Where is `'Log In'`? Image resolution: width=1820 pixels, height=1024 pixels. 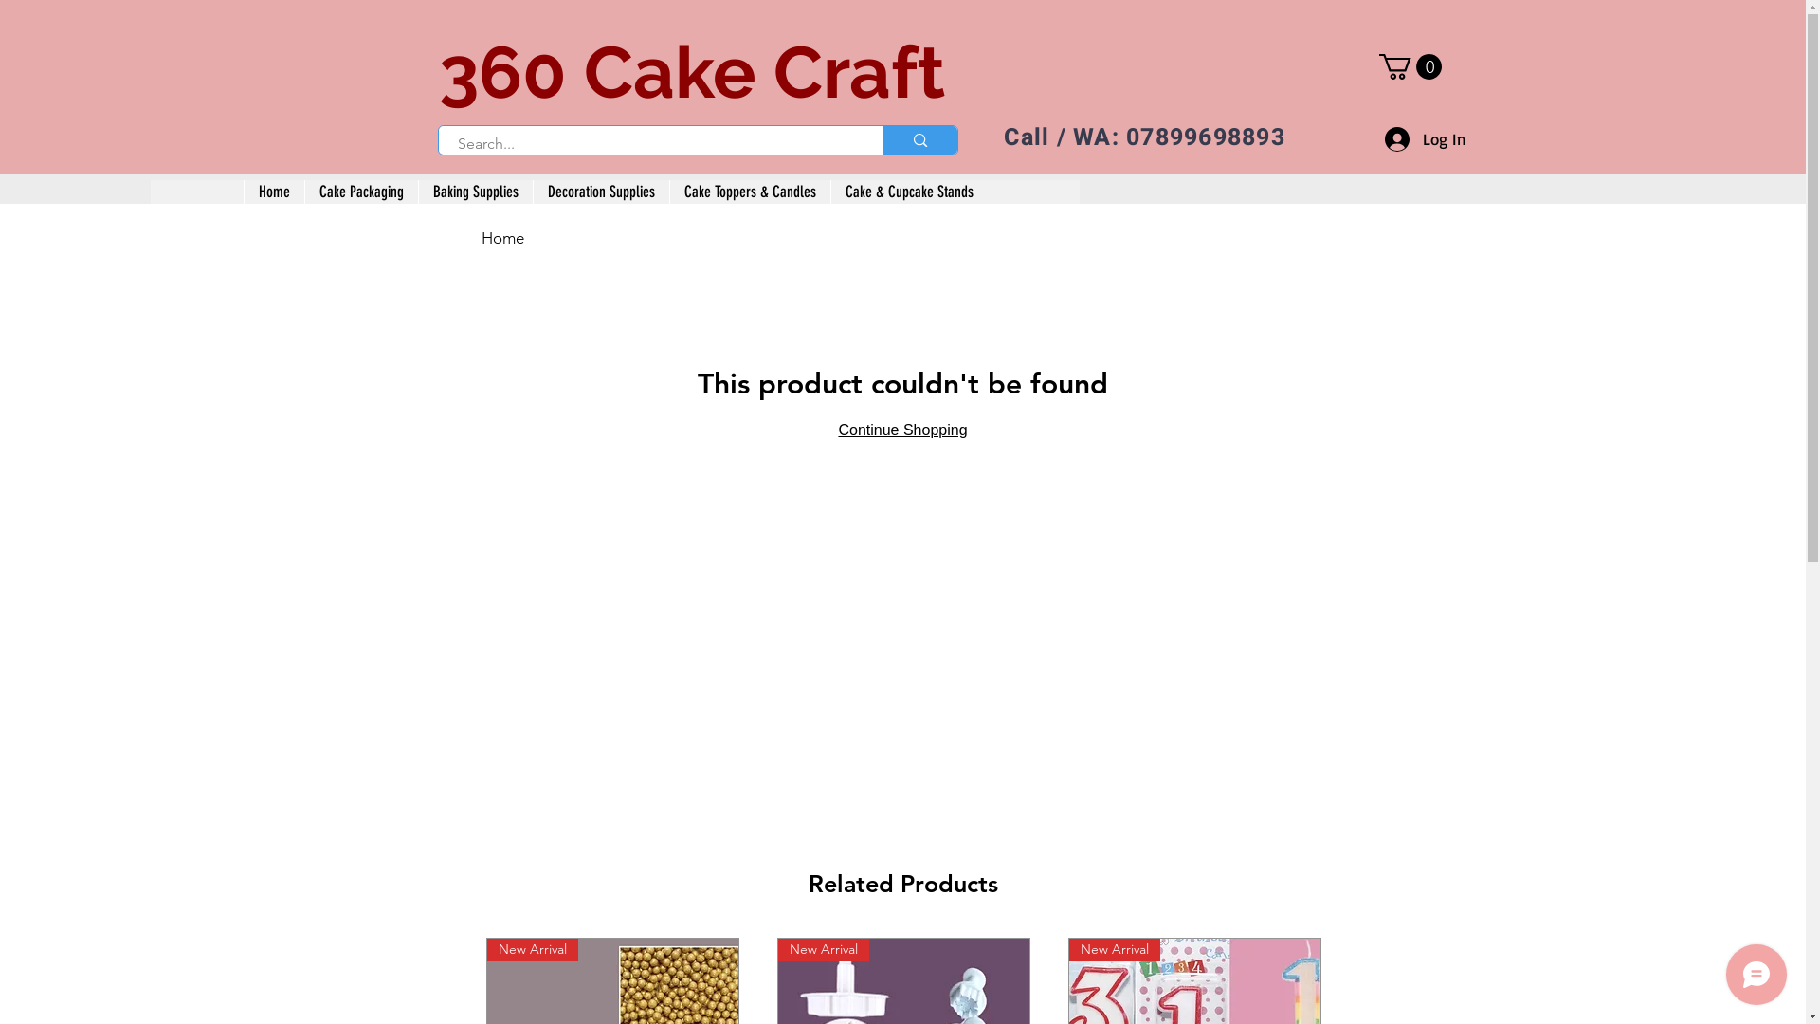 'Log In' is located at coordinates (1424, 137).